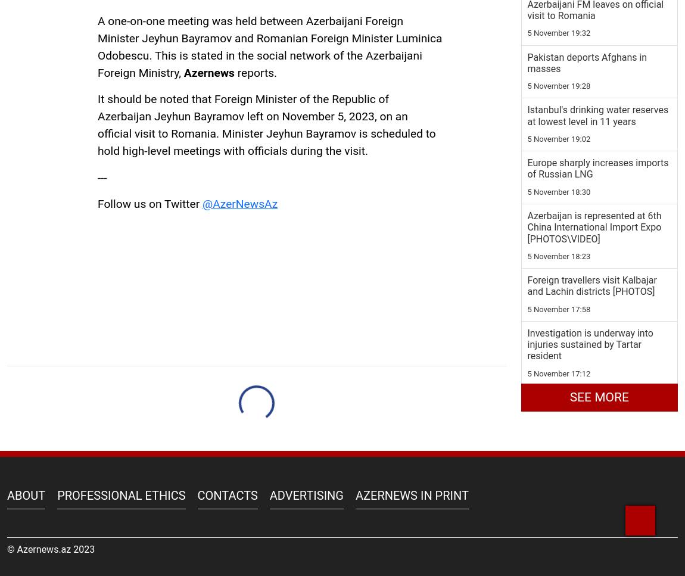  Describe the element at coordinates (527, 373) in the screenshot. I see `'Azerbaijan, Pakistan's joint ventures in pharmaceutical industry look promising'` at that location.